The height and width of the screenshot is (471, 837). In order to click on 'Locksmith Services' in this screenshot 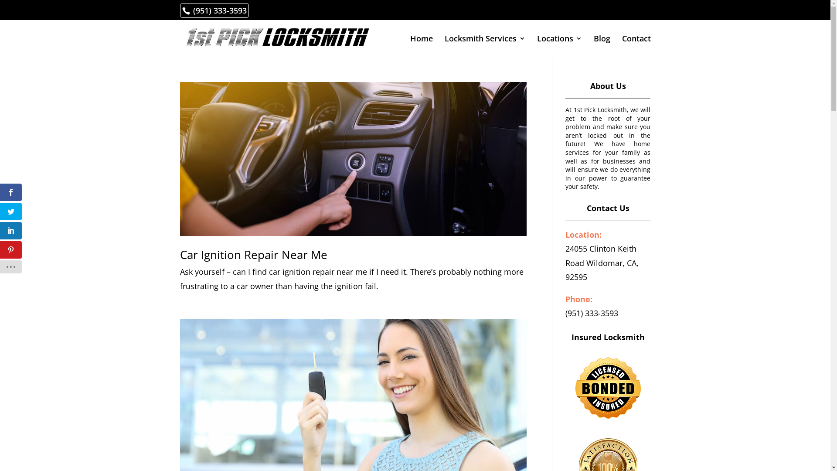, I will do `click(484, 46)`.